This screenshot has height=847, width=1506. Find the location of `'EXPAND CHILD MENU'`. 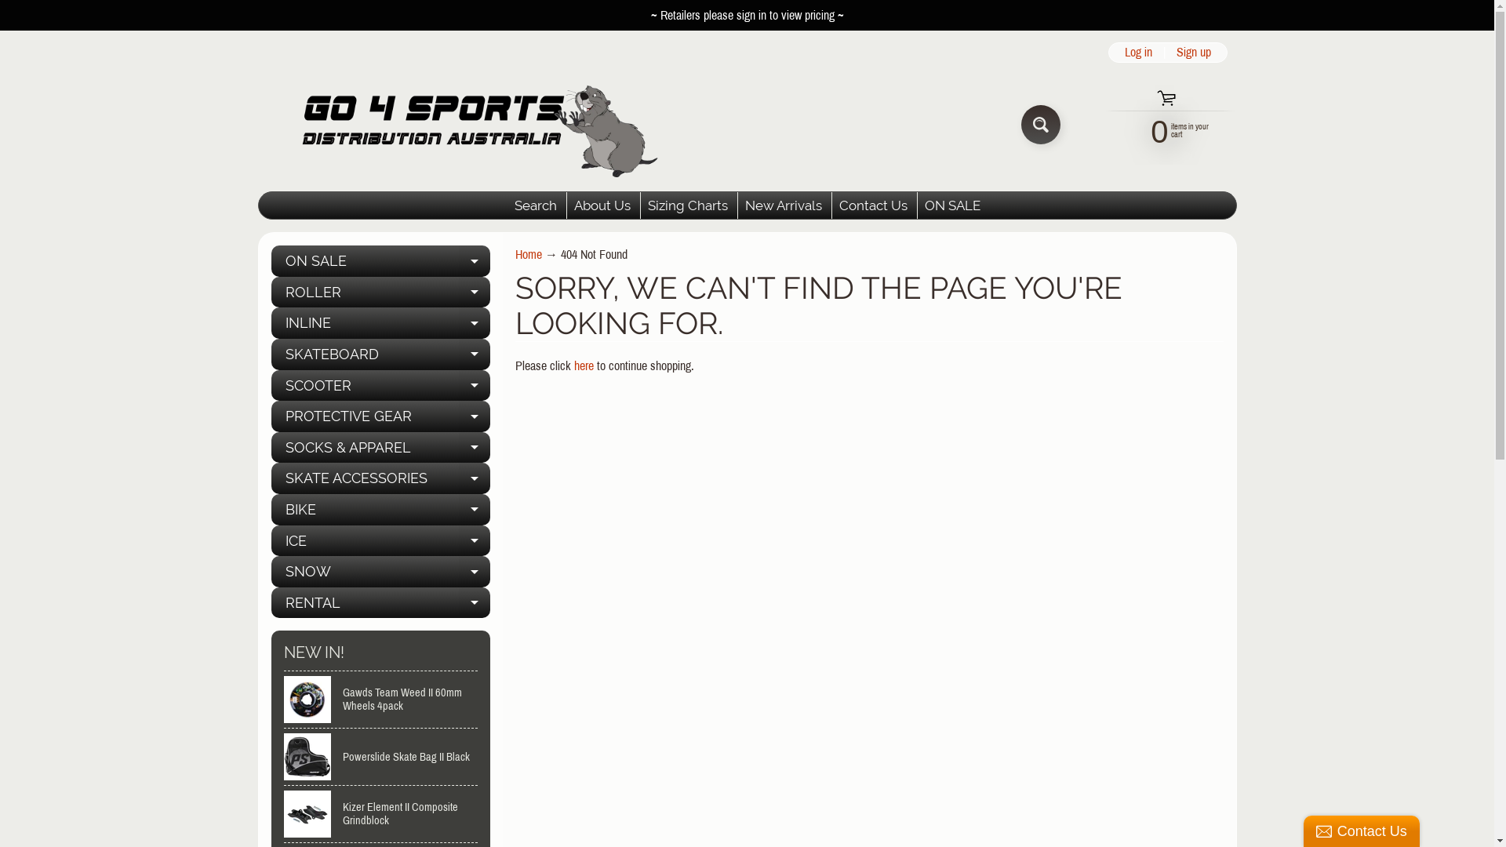

'EXPAND CHILD MENU' is located at coordinates (473, 416).